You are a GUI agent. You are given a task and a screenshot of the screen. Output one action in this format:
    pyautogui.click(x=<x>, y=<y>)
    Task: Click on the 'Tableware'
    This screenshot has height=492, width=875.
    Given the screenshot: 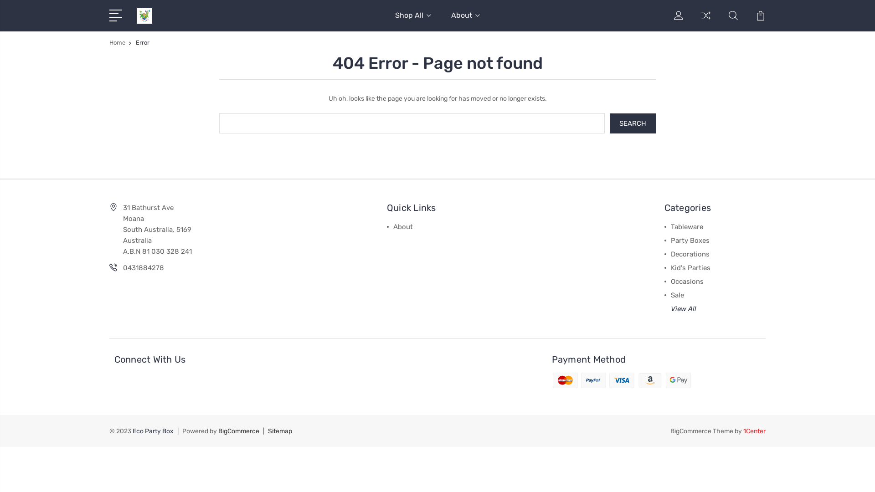 What is the action you would take?
    pyautogui.click(x=687, y=226)
    